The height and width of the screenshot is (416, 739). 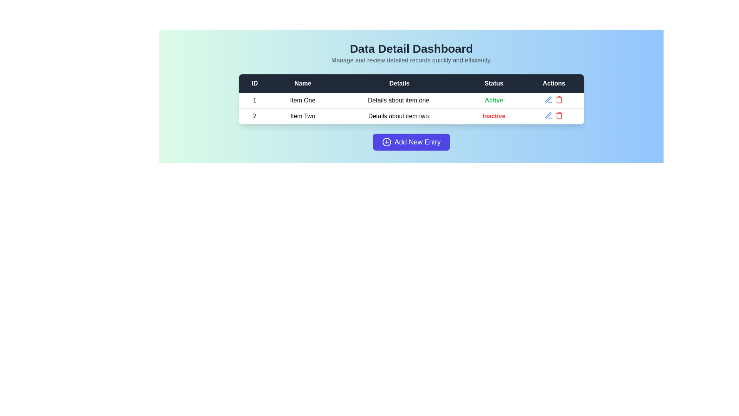 What do you see at coordinates (411, 142) in the screenshot?
I see `the interactive button located directly below the last row of the table` at bounding box center [411, 142].